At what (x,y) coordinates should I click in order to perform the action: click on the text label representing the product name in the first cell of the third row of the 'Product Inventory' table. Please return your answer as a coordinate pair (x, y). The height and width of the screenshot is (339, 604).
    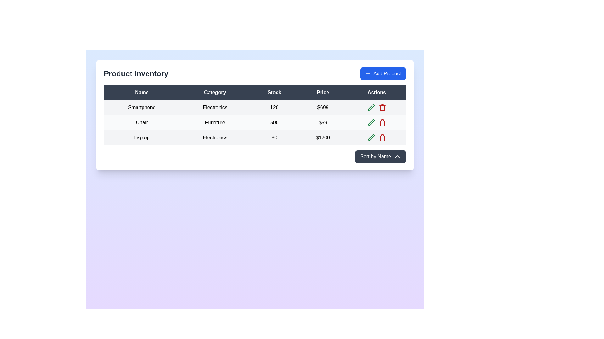
    Looking at the image, I should click on (142, 137).